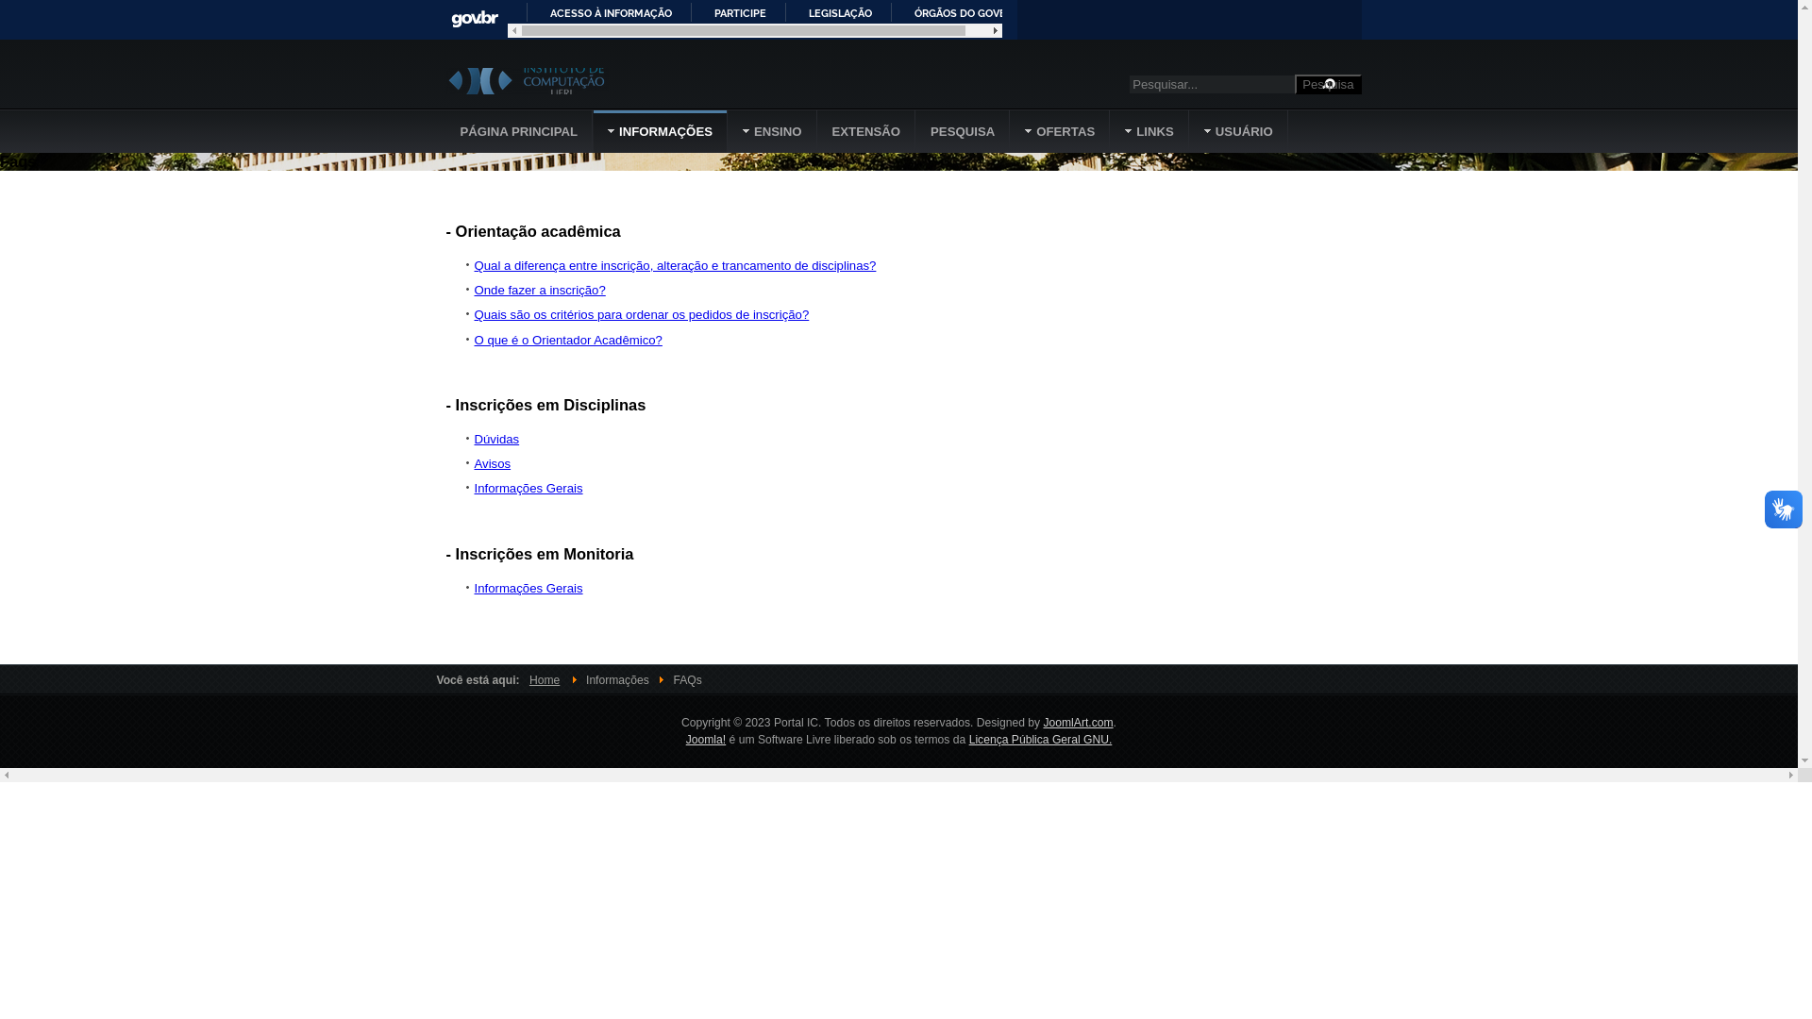  What do you see at coordinates (705, 738) in the screenshot?
I see `'Joomla!'` at bounding box center [705, 738].